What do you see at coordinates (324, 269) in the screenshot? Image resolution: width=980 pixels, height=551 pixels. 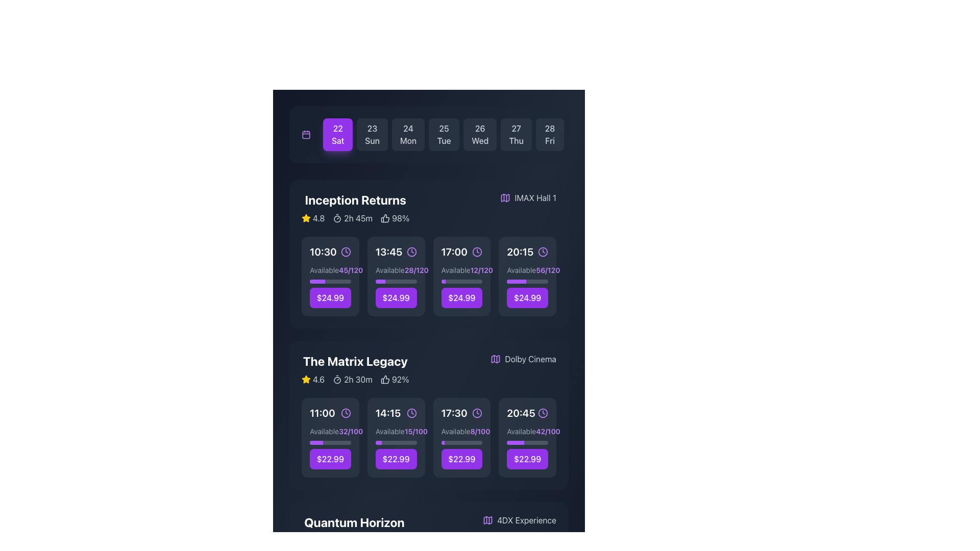 I see `the static text label indicating the availability status for the 'Inception Returns' movie time slot located beneath the '10:30' time label` at bounding box center [324, 269].